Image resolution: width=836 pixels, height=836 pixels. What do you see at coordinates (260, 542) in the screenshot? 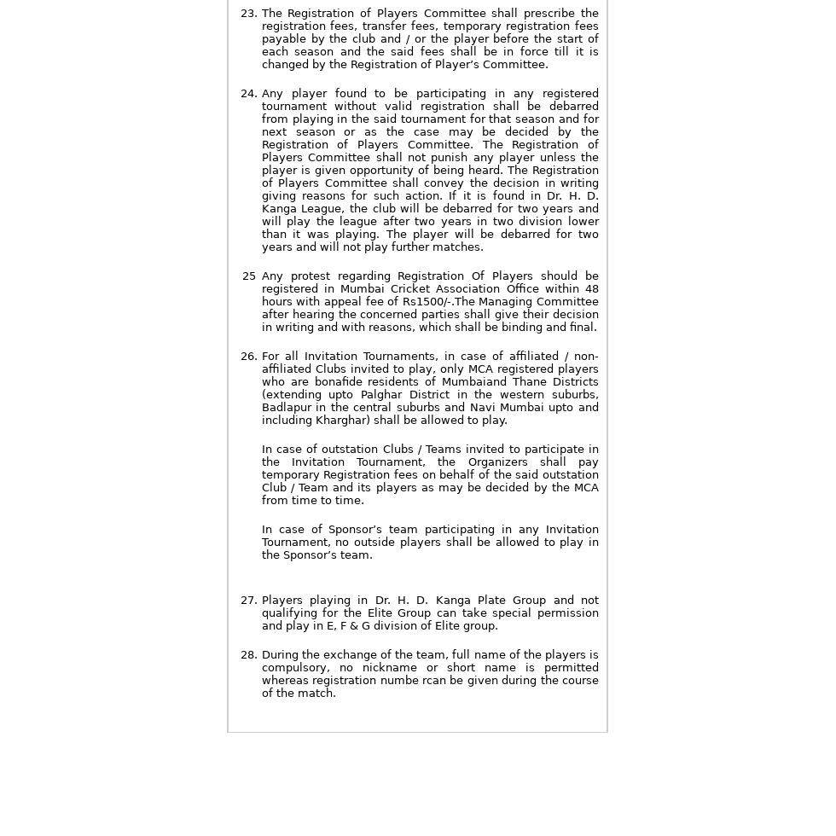
I see `'In case of Sponsor’s team participating in any Invitation Tournament, no outside players shall be allowed to play in the Sponsor’s team.'` at bounding box center [260, 542].